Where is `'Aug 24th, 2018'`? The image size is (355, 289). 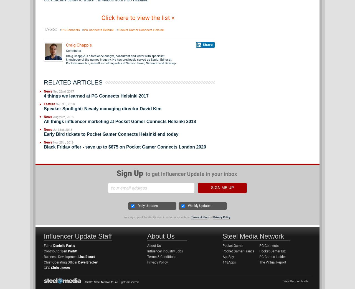 'Aug 24th, 2018' is located at coordinates (63, 117).